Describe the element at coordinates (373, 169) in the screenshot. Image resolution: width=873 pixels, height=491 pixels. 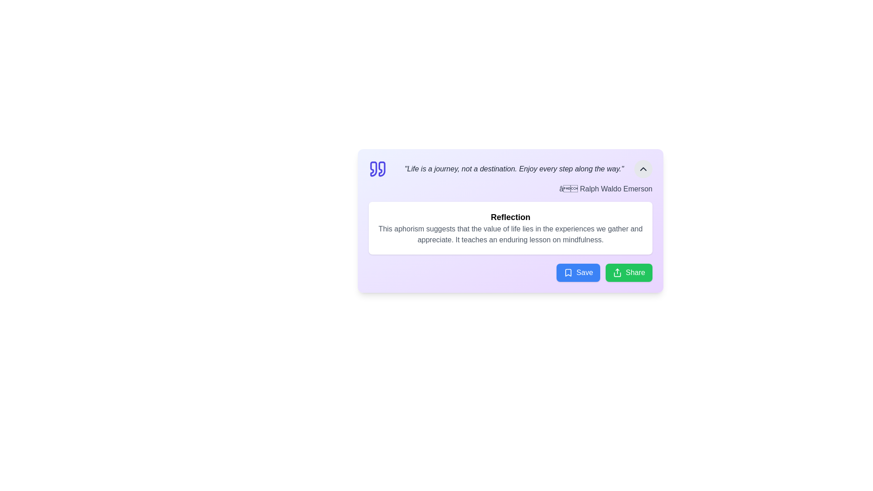
I see `the first blue quotation mark icon located at the top left of the component, which has a smooth outline and is part of a pair of matching quotation marks` at that location.